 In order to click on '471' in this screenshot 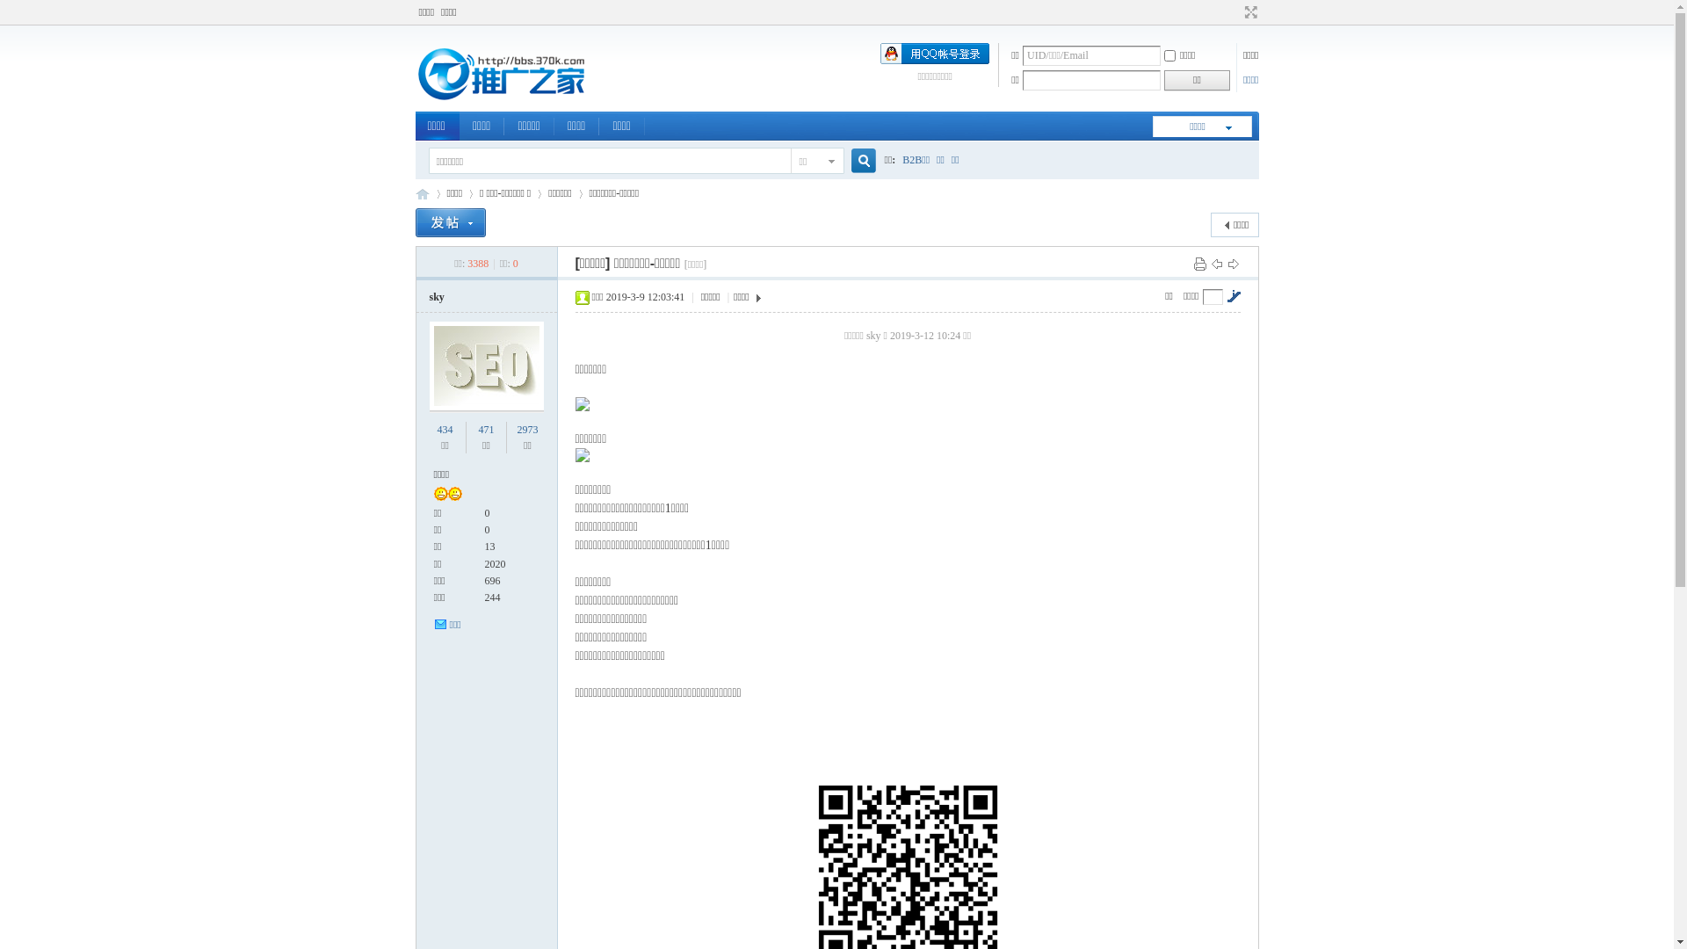, I will do `click(485, 430)`.